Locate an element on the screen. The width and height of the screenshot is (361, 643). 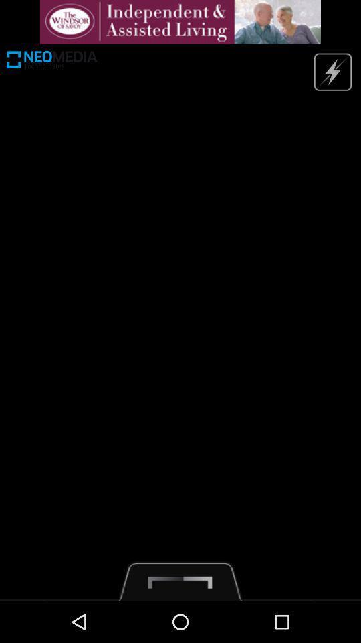
notifications is located at coordinates (180, 21).